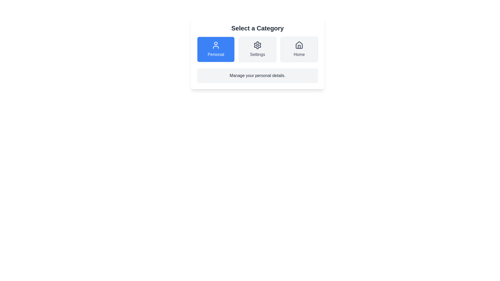 This screenshot has height=281, width=500. Describe the element at coordinates (257, 49) in the screenshot. I see `the Settings button to observe the hover effect` at that location.